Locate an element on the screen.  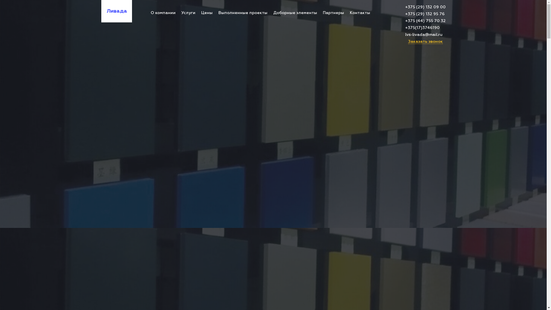
'+375(17)3746190' is located at coordinates (425, 28).